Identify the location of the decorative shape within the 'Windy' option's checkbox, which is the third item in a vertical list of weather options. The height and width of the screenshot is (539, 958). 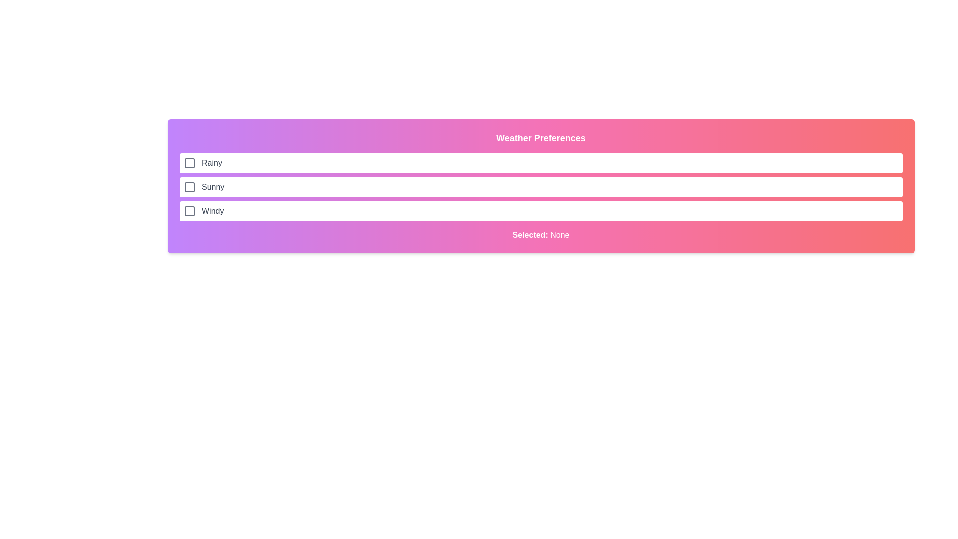
(189, 211).